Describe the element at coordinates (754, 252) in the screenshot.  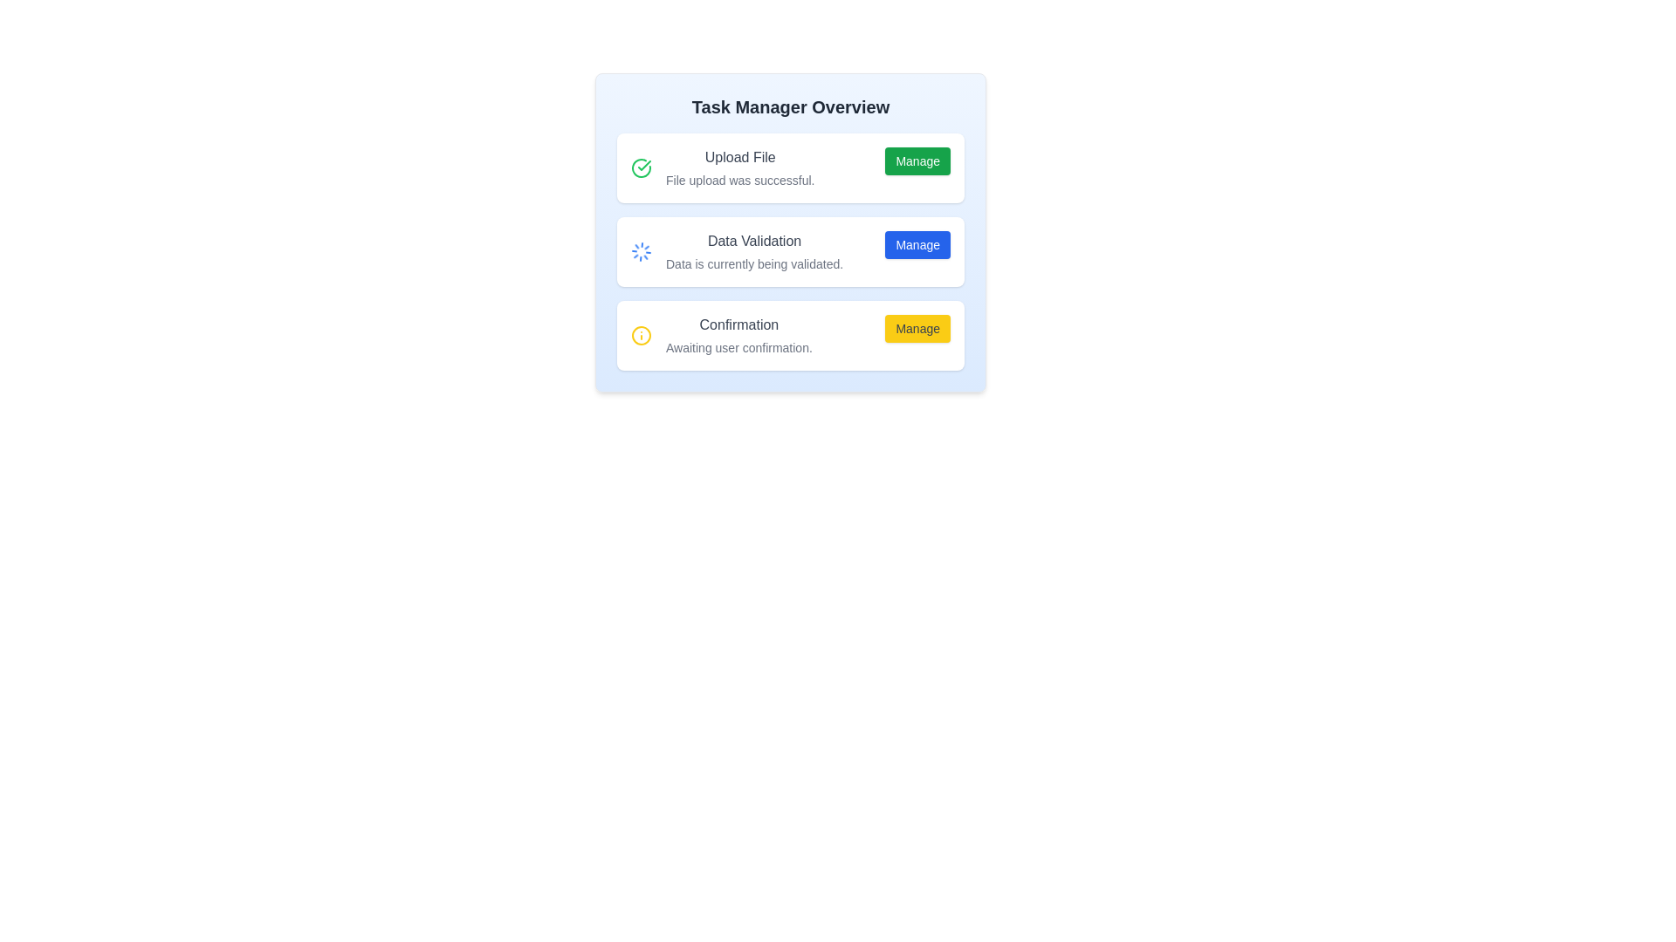
I see `the text block containing 'Data Validation' and 'Data is currently being validated', which is positioned centrally in the 'Task Manager Overview' interface card, between a spinning loader and a blue 'Manage' button` at that location.